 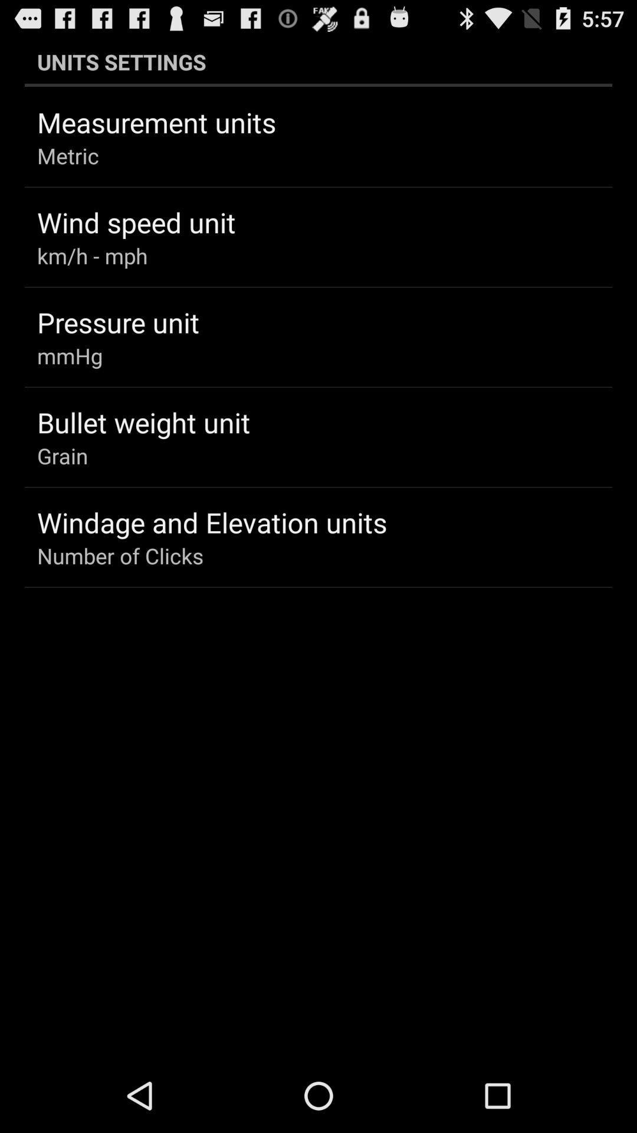 I want to click on measurement units item, so click(x=156, y=122).